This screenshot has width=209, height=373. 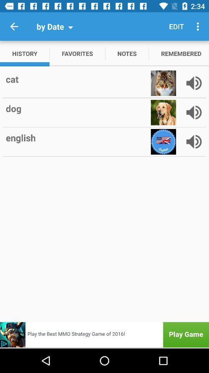 What do you see at coordinates (194, 83) in the screenshot?
I see `speaker` at bounding box center [194, 83].